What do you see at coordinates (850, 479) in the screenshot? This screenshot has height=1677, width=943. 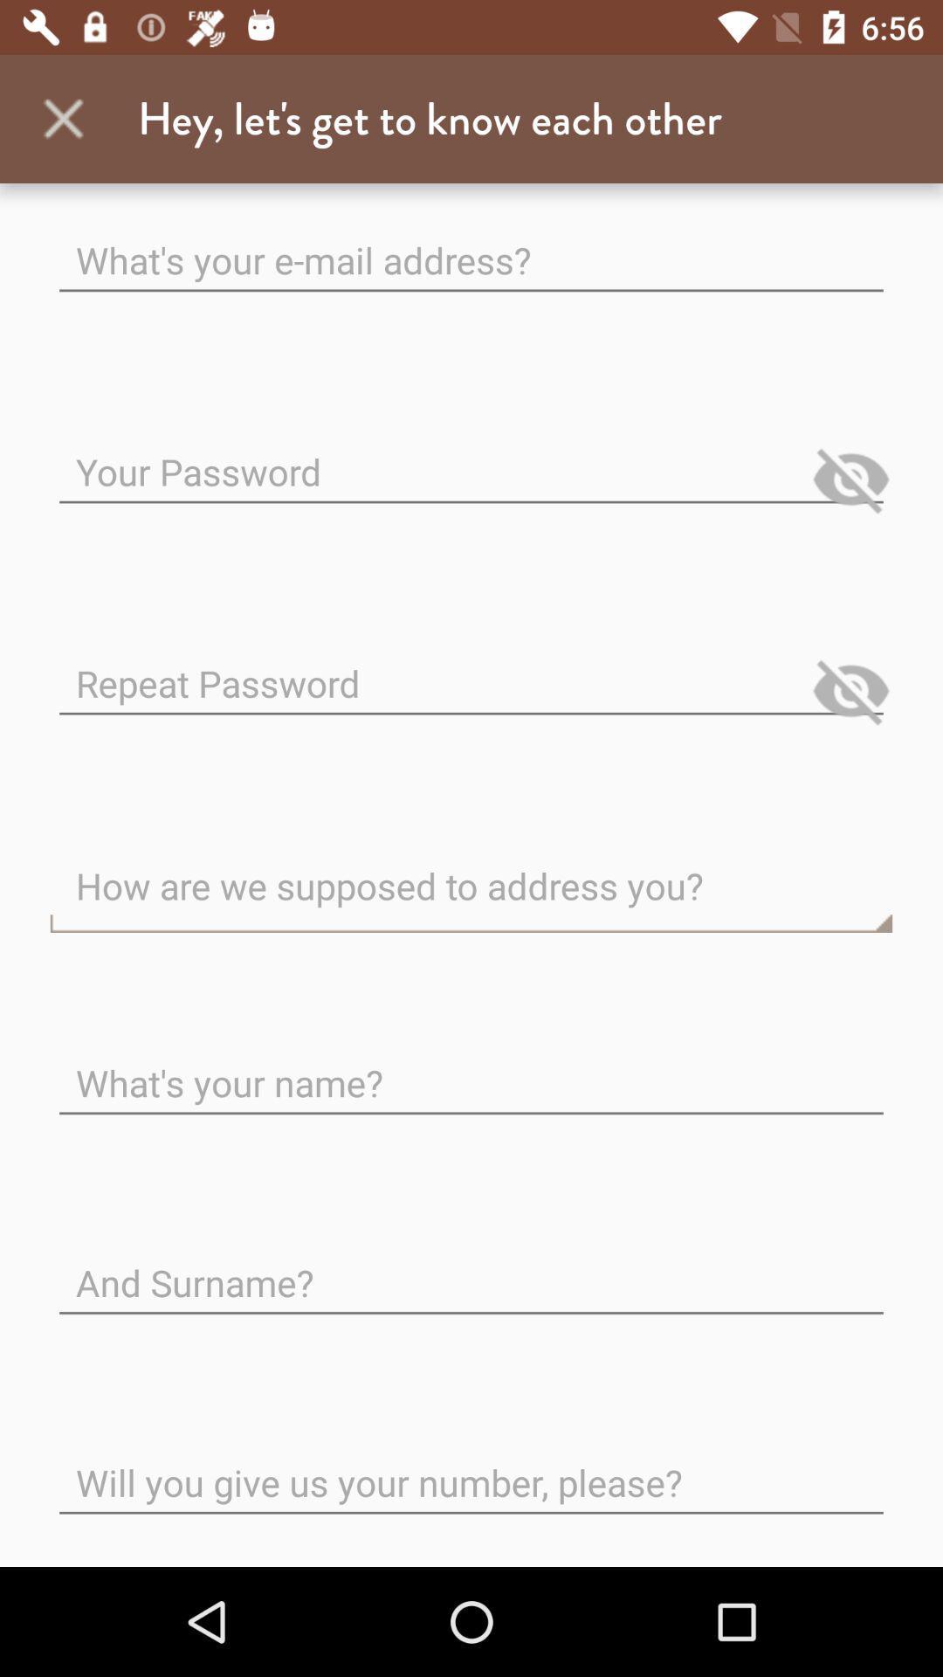 I see `click on eye icon next to your password` at bounding box center [850, 479].